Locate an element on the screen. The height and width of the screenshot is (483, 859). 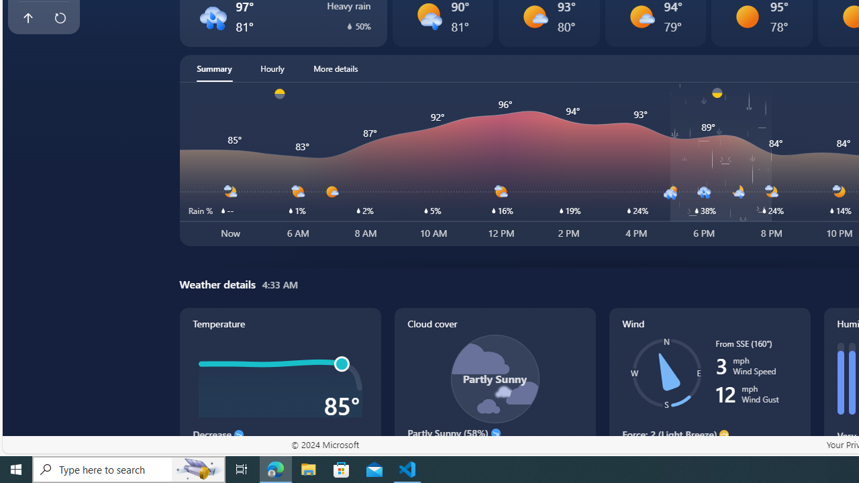
'Cloud cover' is located at coordinates (494, 392).